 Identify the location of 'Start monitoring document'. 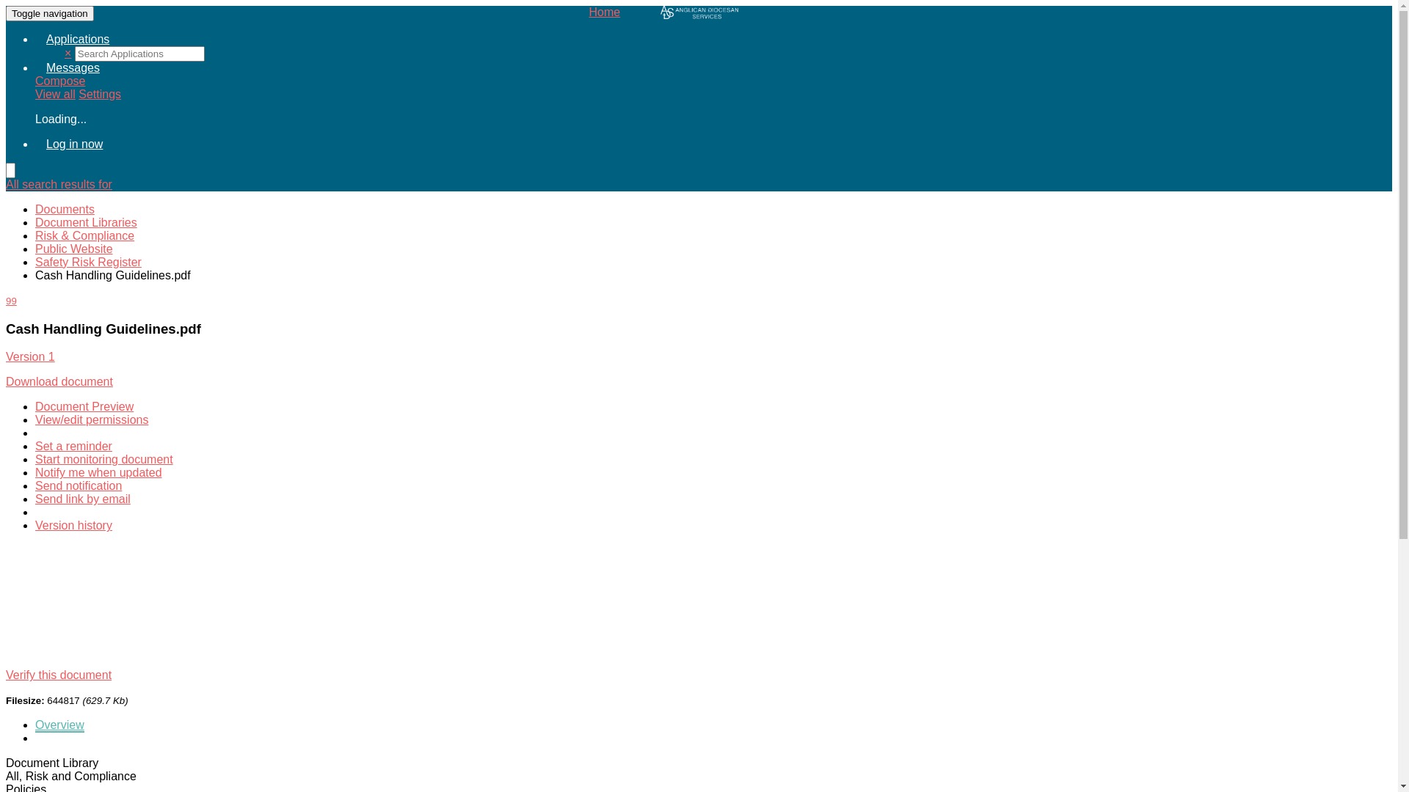
(103, 459).